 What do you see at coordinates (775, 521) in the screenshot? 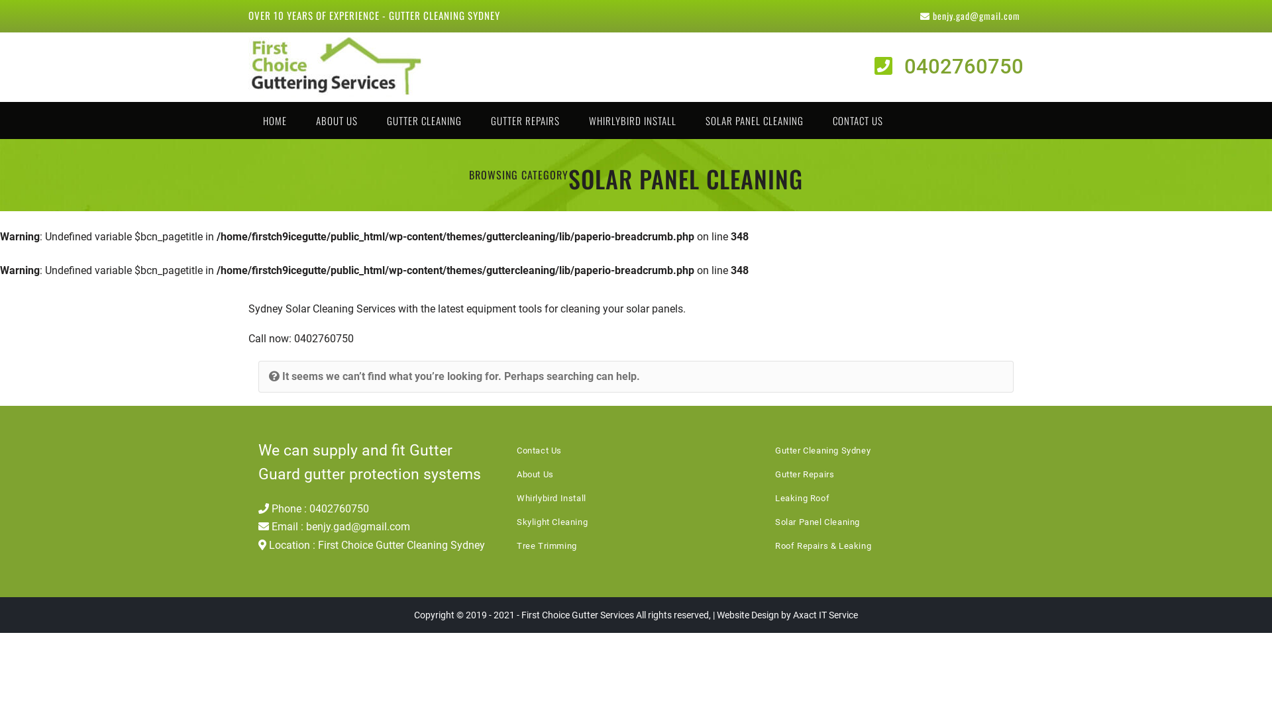
I see `'Solar Panel Cleaning'` at bounding box center [775, 521].